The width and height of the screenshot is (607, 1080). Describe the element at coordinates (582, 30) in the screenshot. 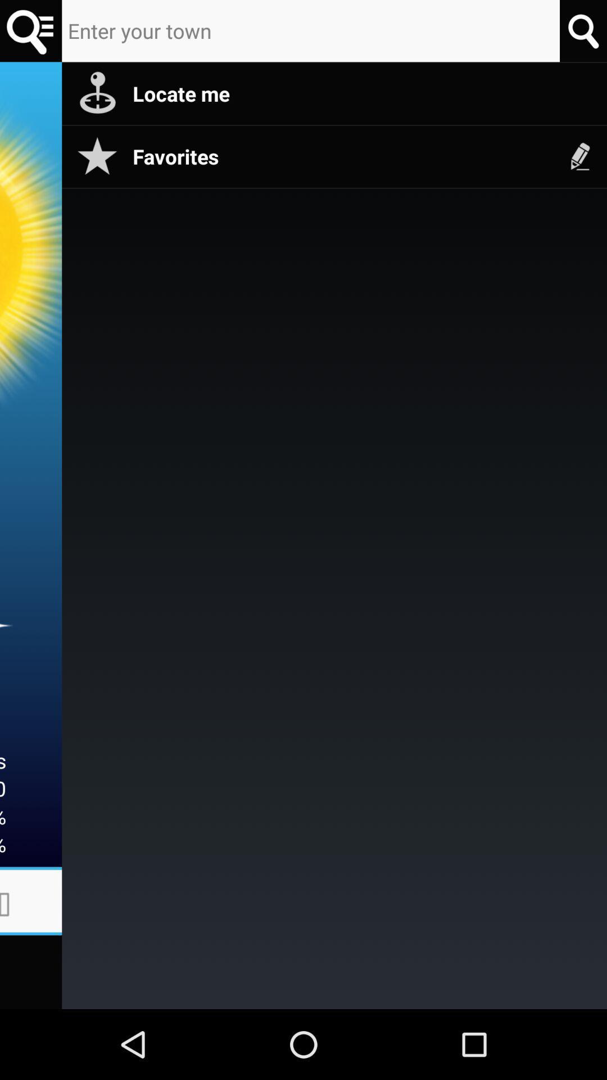

I see `search for location` at that location.